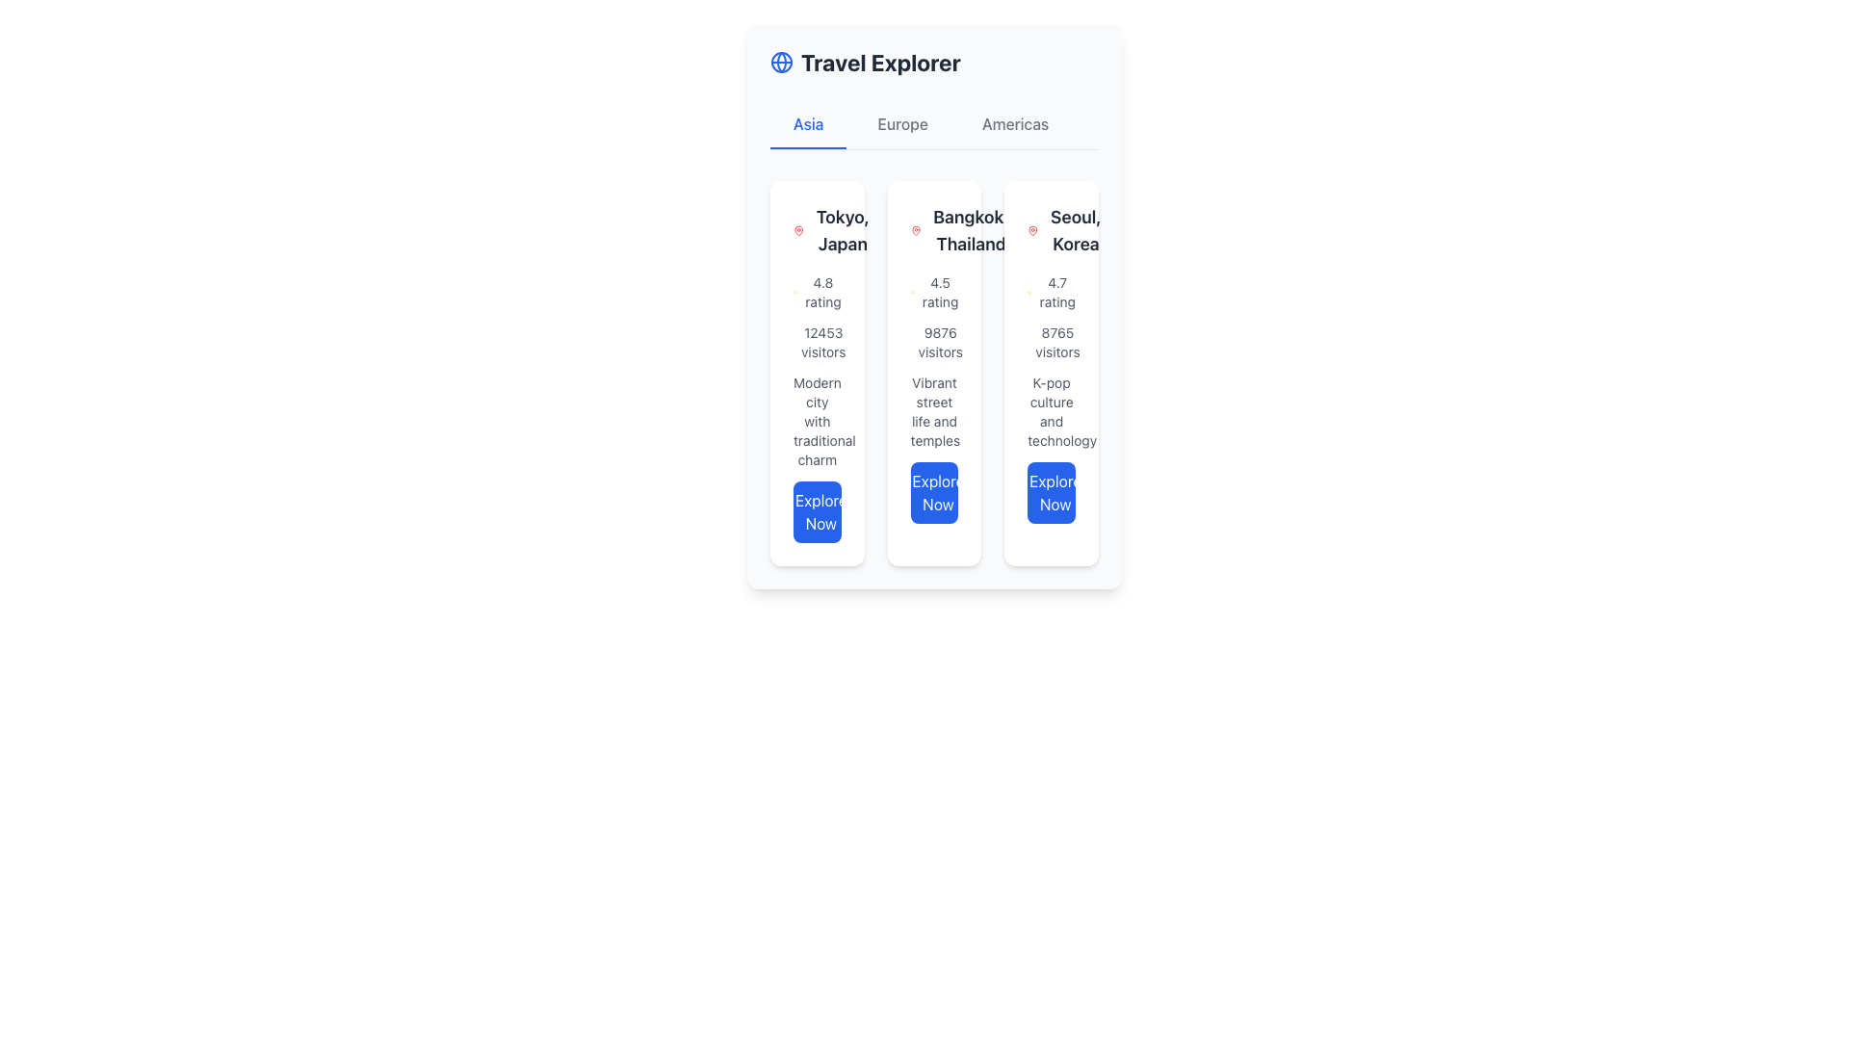  I want to click on the numerical rating text label located below the title 'Bangkok Thailand' and above the visitor numbers, aligned with a star icon on the left, so click(940, 293).